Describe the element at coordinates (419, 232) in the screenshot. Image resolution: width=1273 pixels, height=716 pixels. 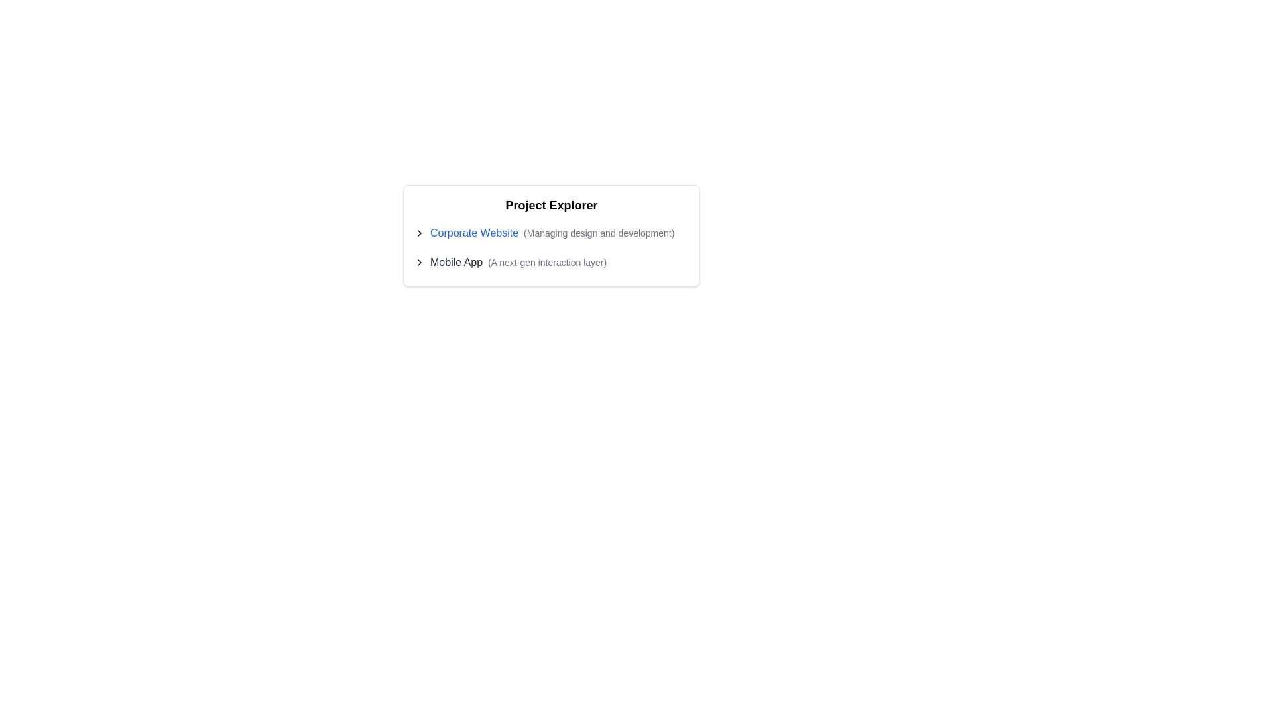
I see `the chevron-shaped navigation icon located in the row labeled 'Corporate Website.'` at that location.